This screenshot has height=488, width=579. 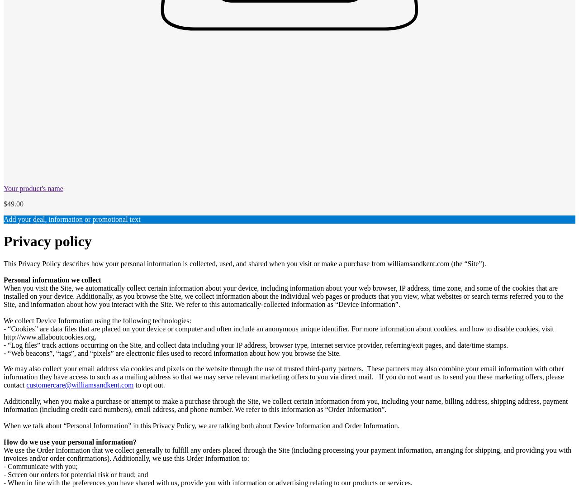 I want to click on '- “Web beacons”, “tags”, and “pixels” are electronic files used to record information about how you browse the Site.', so click(x=172, y=352).